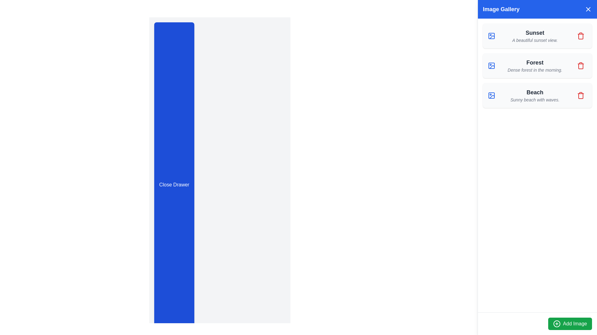 This screenshot has height=335, width=597. Describe the element at coordinates (580, 96) in the screenshot. I see `the trash bin icon located in the upper-right corner of the 'Beach' card` at that location.